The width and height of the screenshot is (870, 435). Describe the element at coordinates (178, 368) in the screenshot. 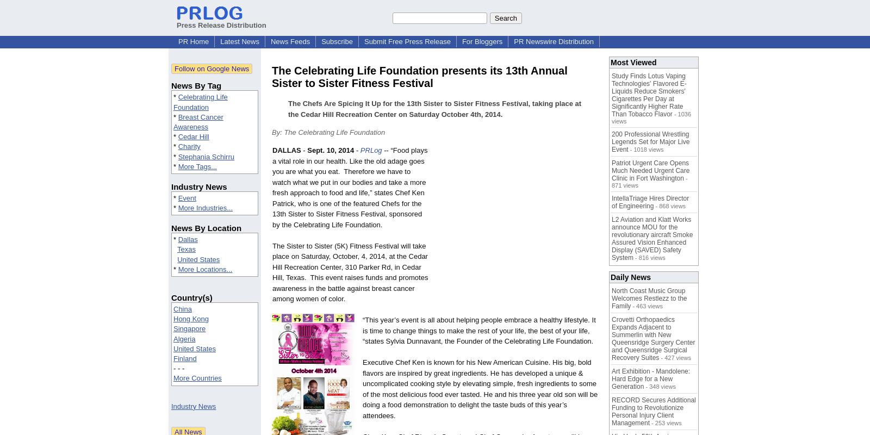

I see `'- - -'` at that location.